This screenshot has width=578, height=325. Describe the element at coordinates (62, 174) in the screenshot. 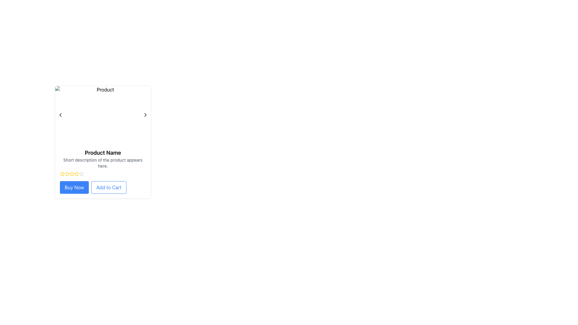

I see `the first star icon in the product rating scale, which visually represents the lowest rating in the sequence` at that location.